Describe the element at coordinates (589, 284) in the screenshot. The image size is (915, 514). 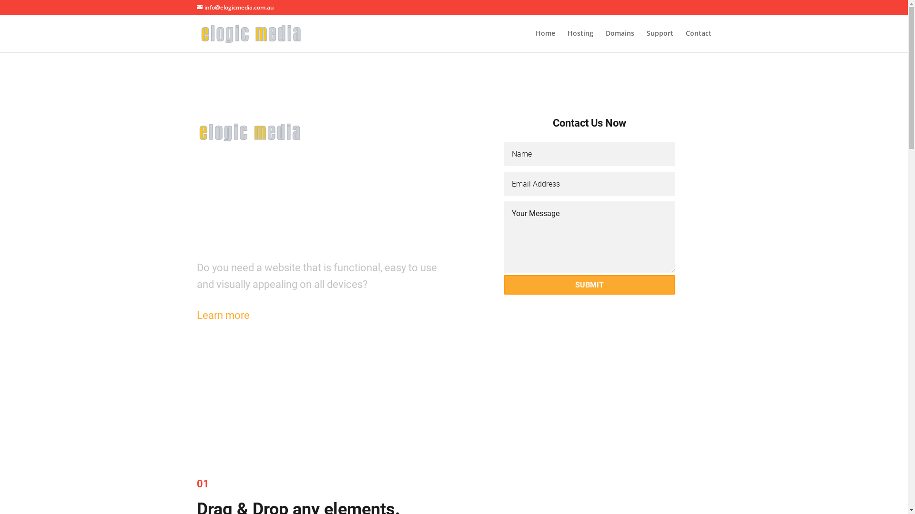
I see `'SUBMIT'` at that location.